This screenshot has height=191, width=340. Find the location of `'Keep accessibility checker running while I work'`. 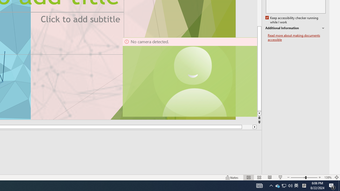

'Keep accessibility checker running while I work' is located at coordinates (292, 20).